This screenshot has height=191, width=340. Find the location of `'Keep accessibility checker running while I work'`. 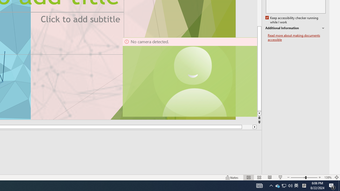

'Keep accessibility checker running while I work' is located at coordinates (292, 20).